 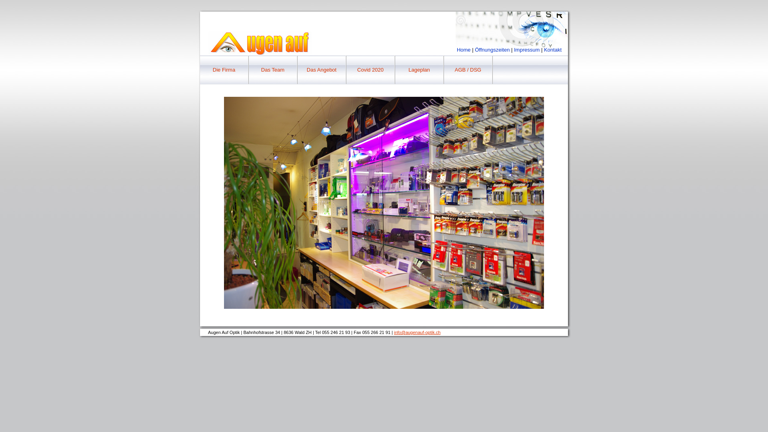 What do you see at coordinates (346, 69) in the screenshot?
I see `'Covid 2020'` at bounding box center [346, 69].